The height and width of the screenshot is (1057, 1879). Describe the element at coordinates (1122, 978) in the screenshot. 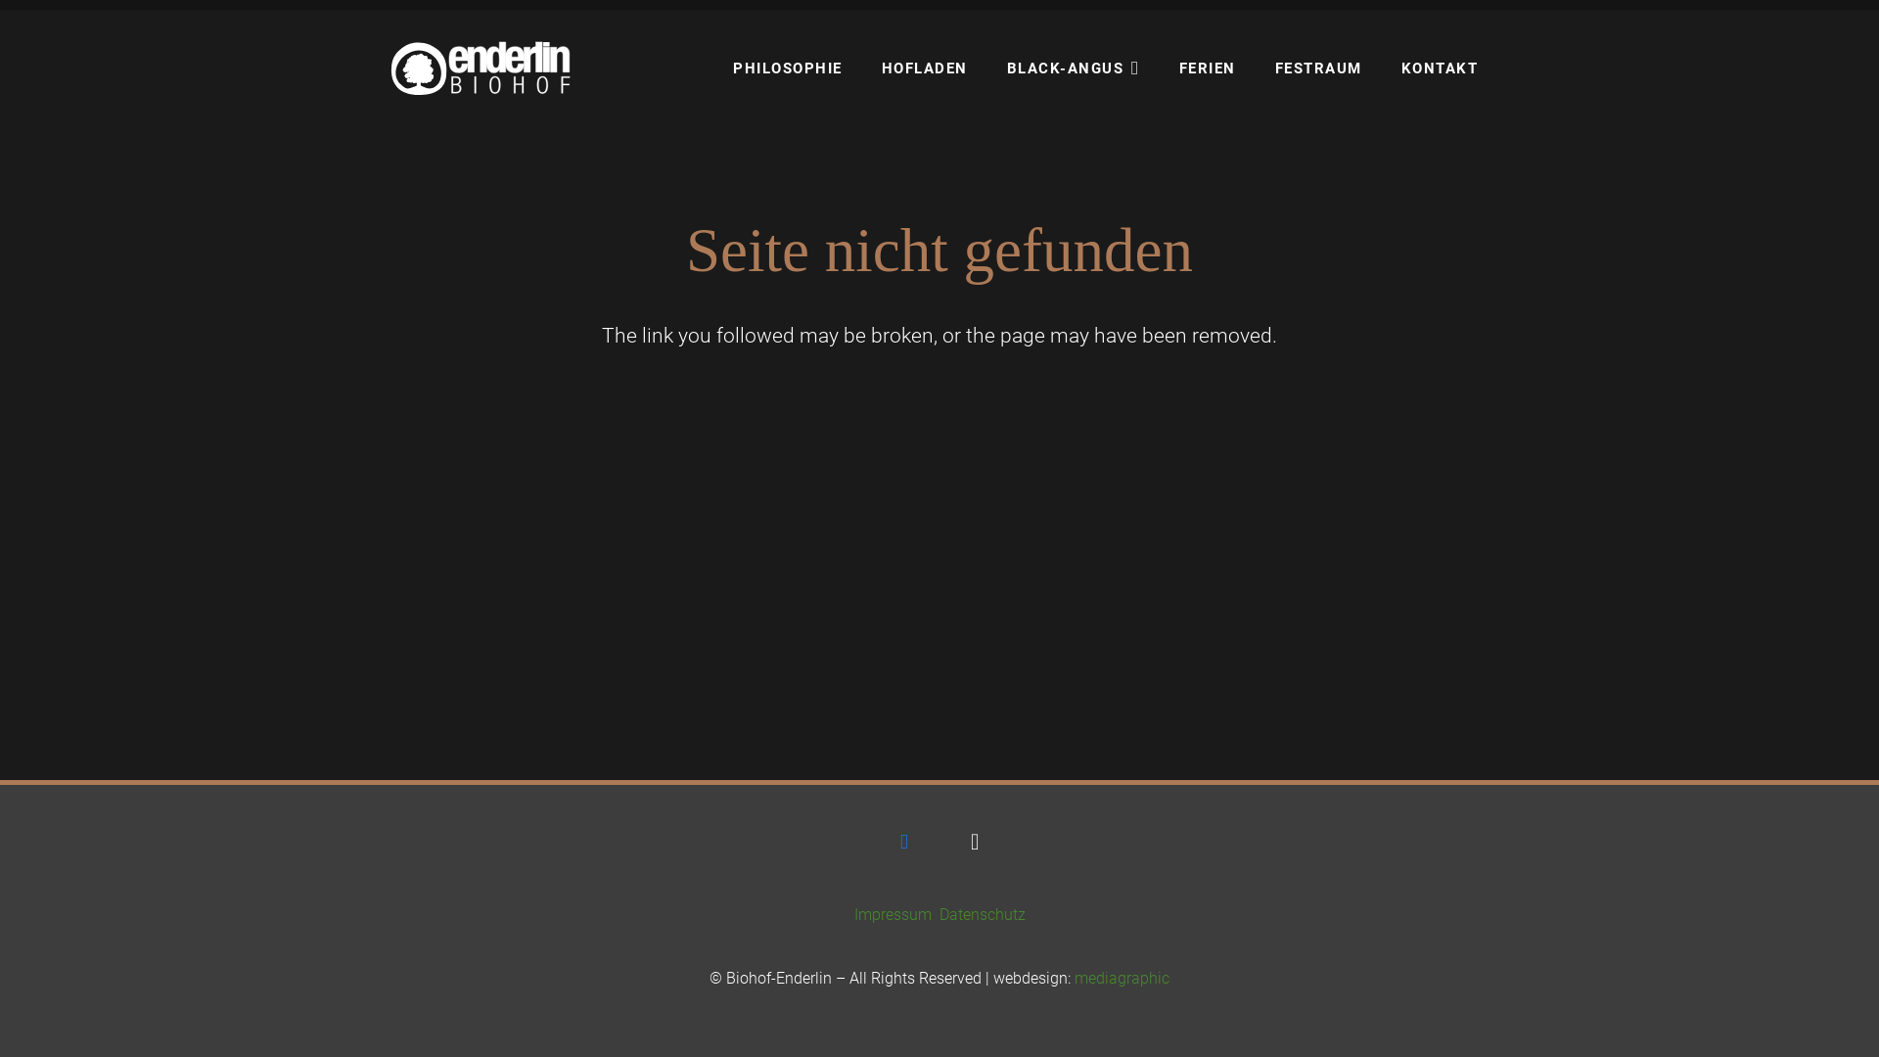

I see `'mediagraphic'` at that location.